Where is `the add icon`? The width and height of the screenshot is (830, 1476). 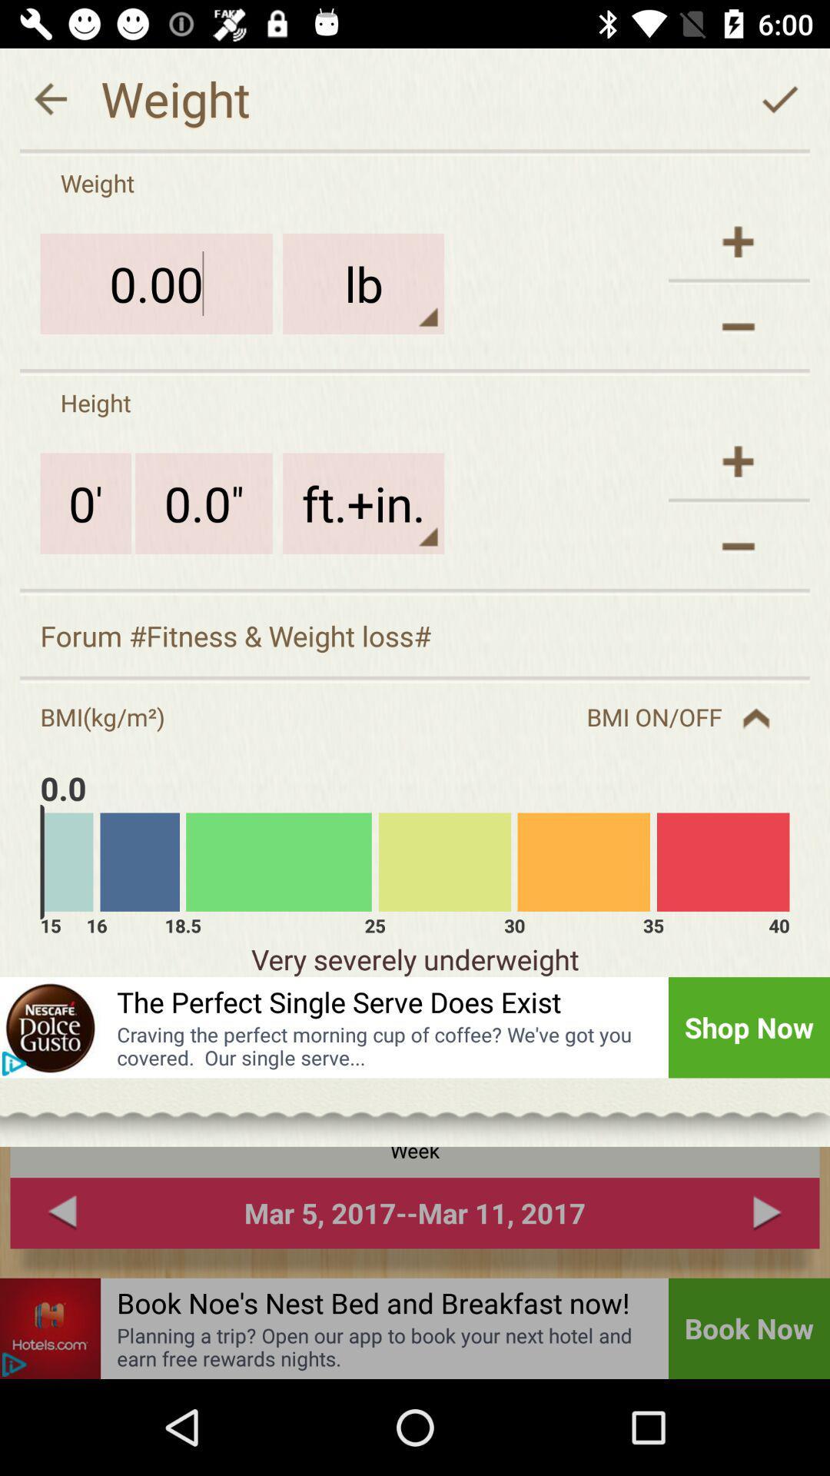 the add icon is located at coordinates (738, 460).